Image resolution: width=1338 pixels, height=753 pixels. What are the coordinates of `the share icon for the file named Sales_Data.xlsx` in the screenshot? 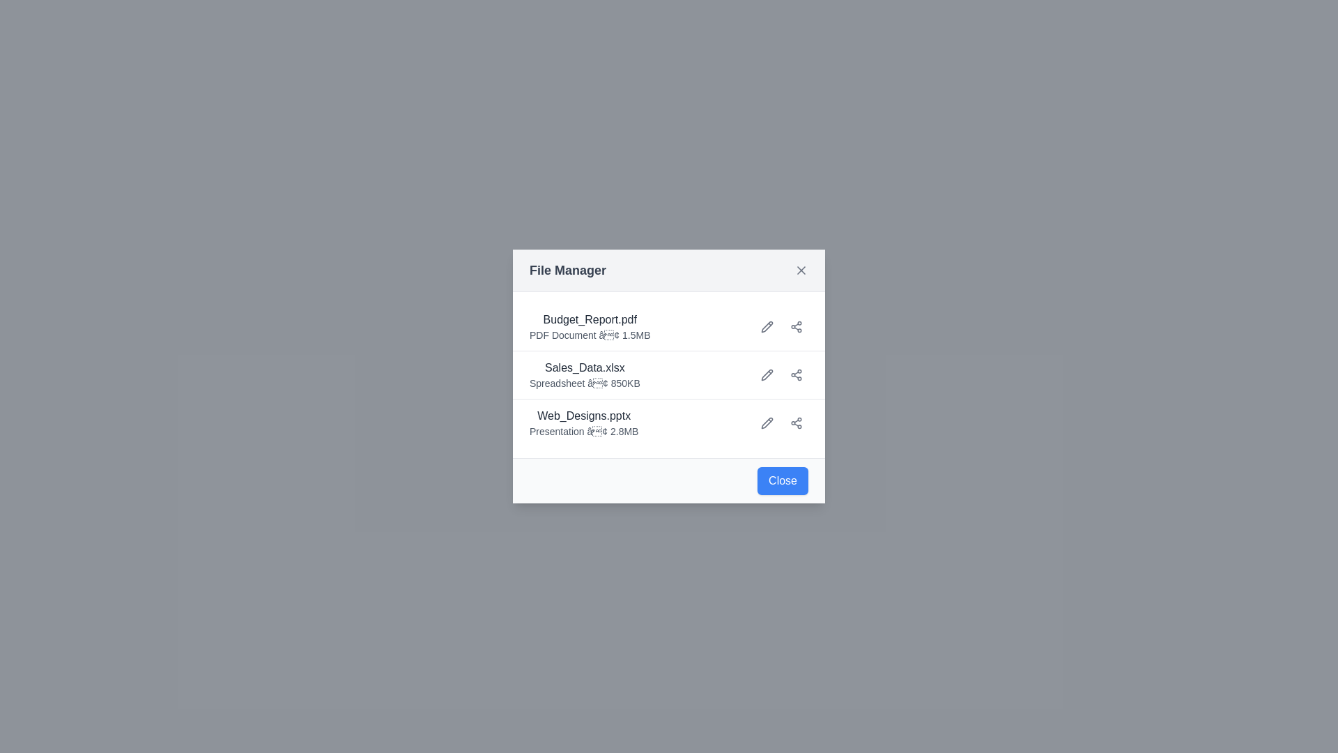 It's located at (796, 374).